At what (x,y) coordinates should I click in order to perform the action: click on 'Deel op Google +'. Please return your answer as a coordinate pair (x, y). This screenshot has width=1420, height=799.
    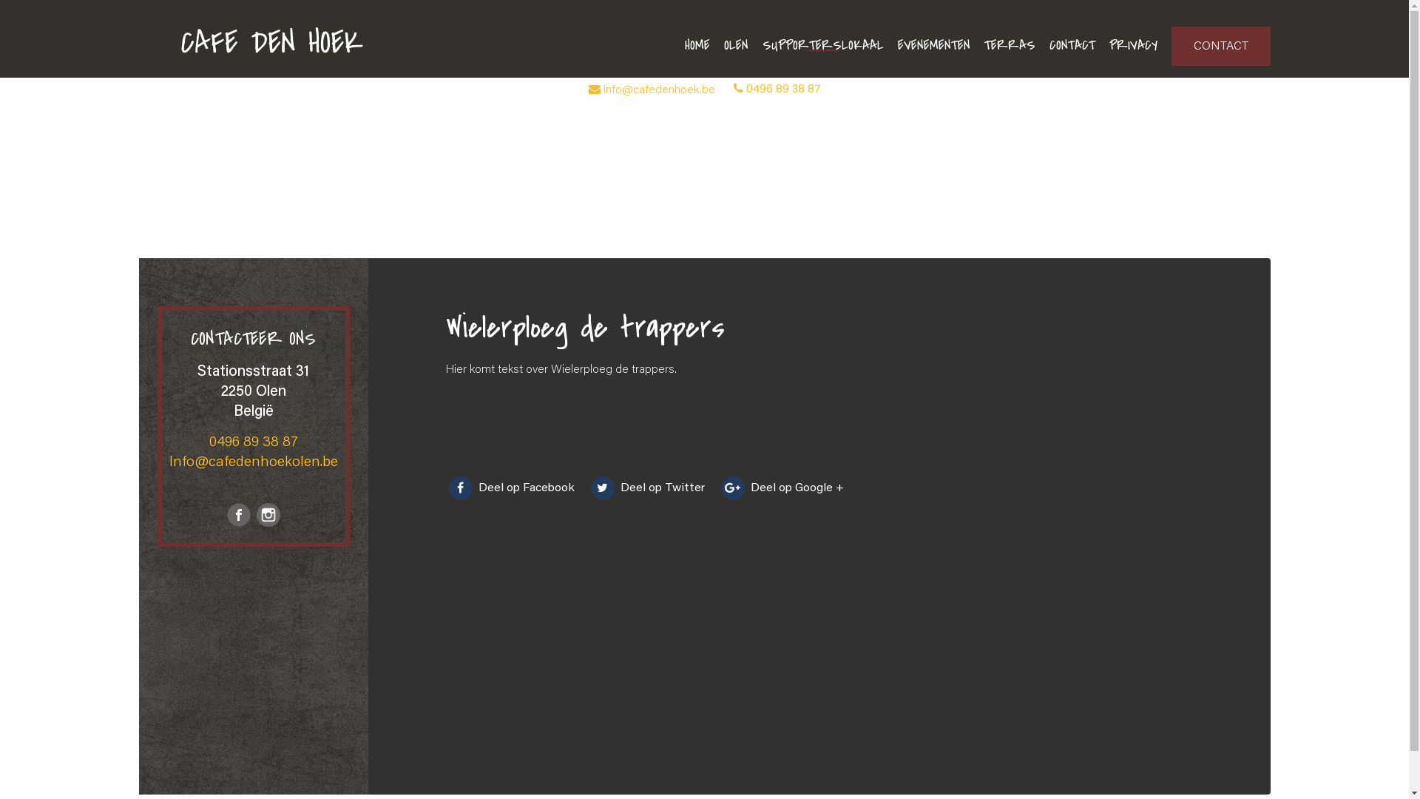
    Looking at the image, I should click on (780, 488).